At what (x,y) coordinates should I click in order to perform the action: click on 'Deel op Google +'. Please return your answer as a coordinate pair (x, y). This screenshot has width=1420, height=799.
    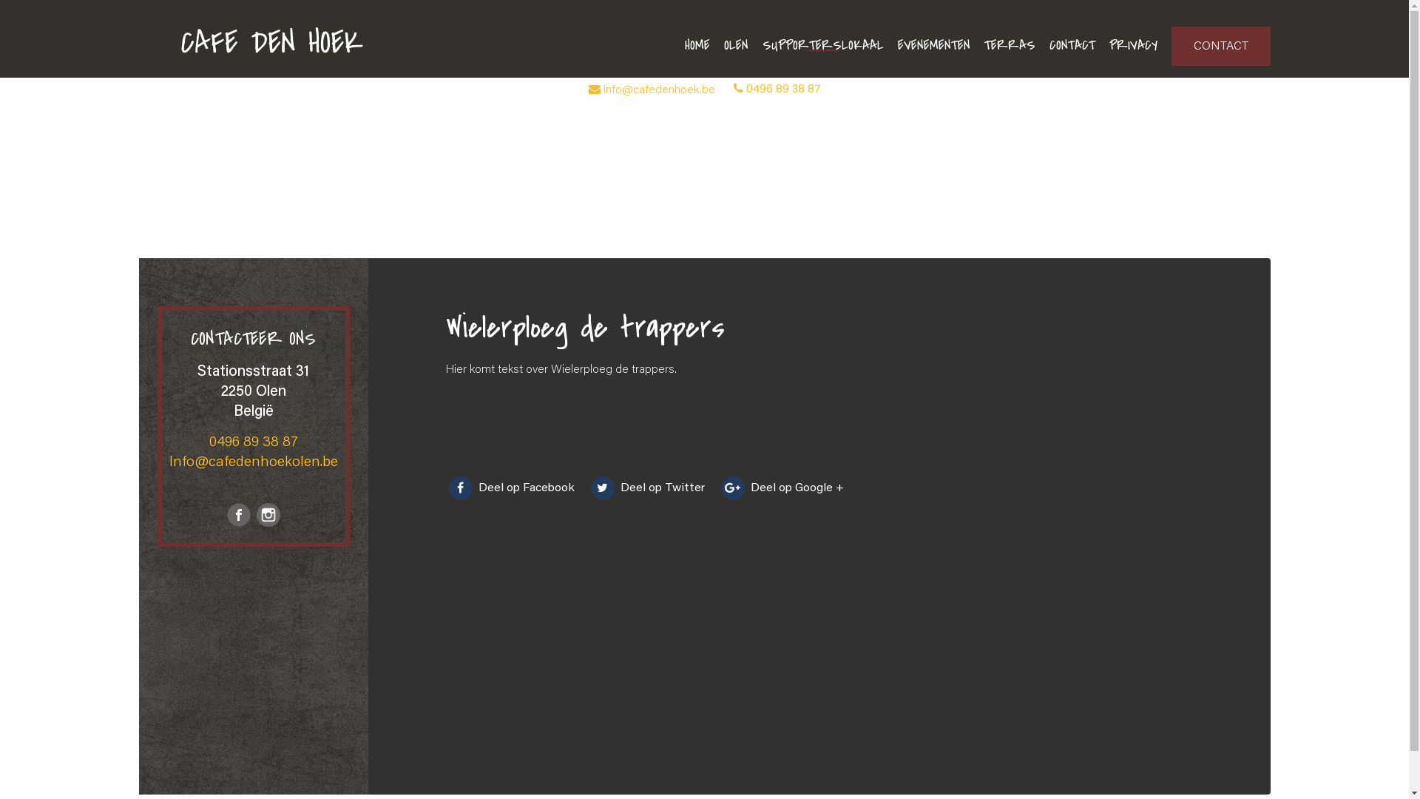
    Looking at the image, I should click on (780, 488).